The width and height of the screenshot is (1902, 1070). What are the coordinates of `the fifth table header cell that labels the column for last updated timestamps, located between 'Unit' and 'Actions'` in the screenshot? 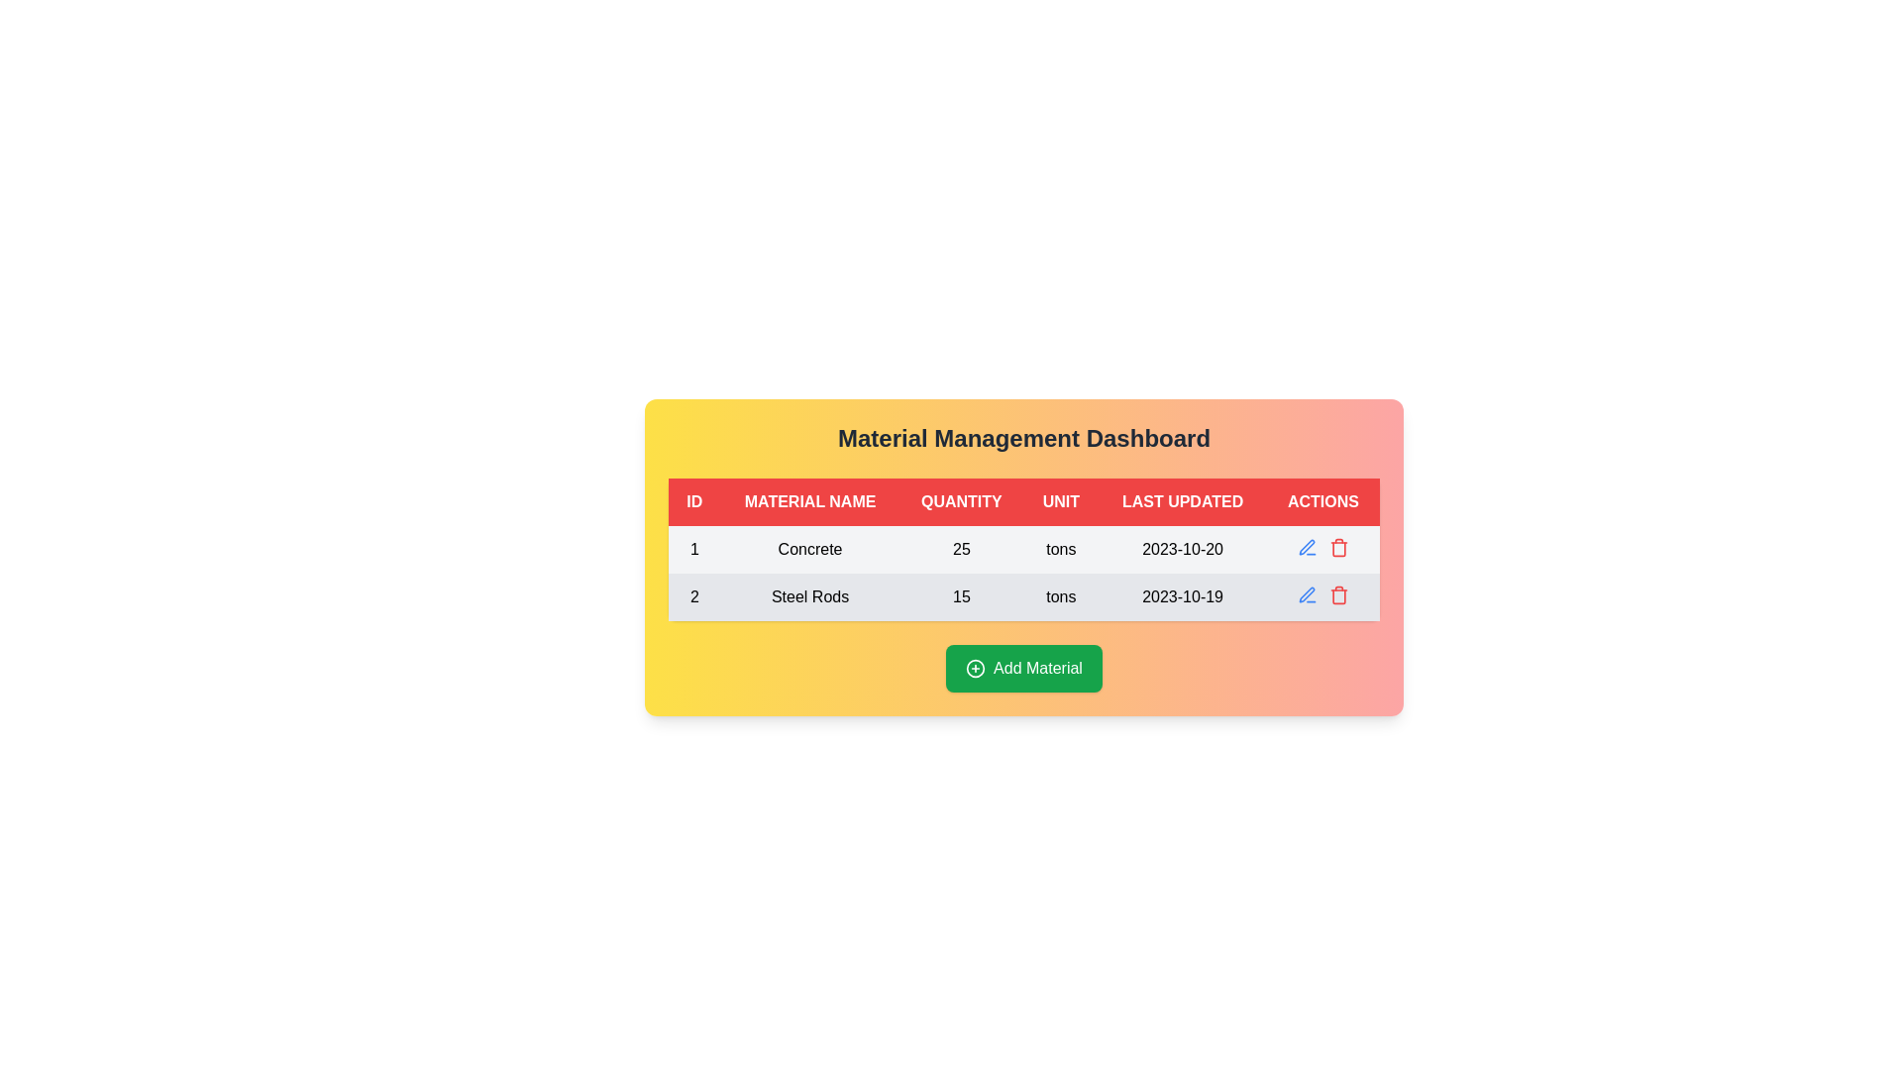 It's located at (1183, 500).